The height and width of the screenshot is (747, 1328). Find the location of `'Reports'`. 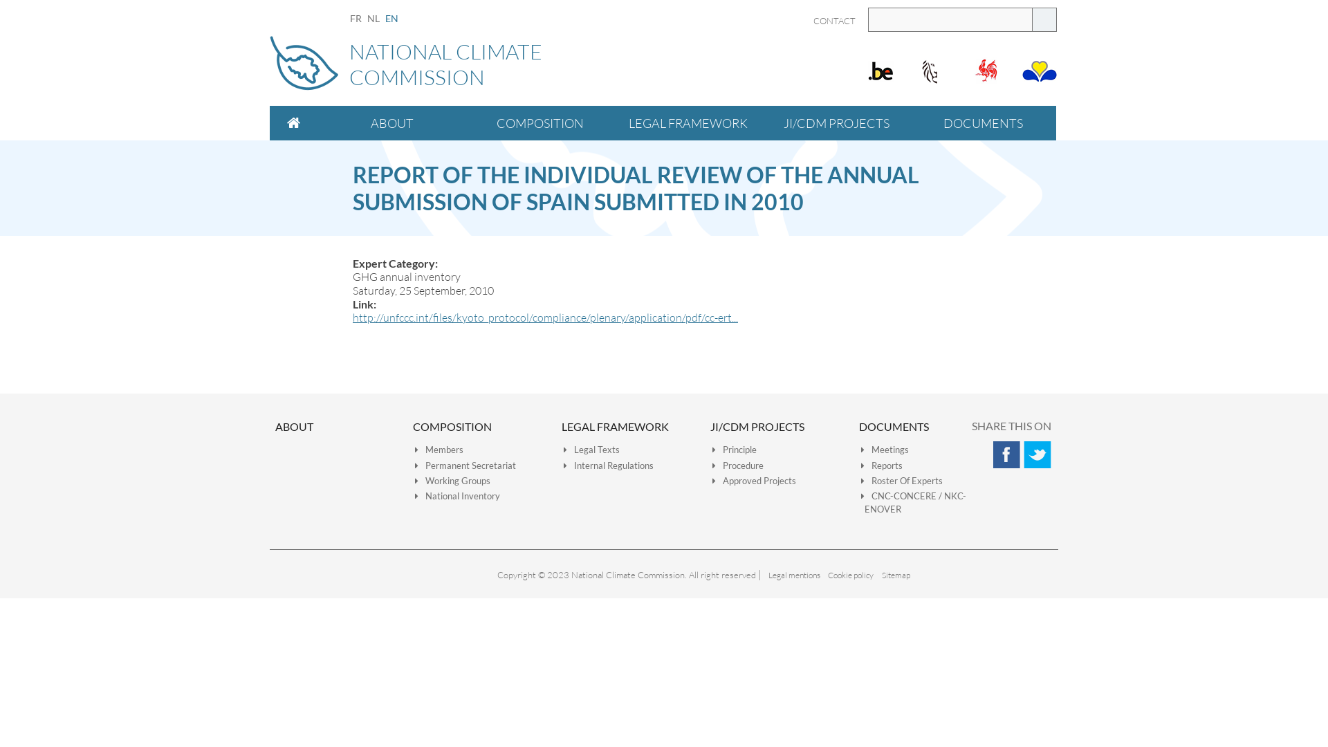

'Reports' is located at coordinates (881, 465).